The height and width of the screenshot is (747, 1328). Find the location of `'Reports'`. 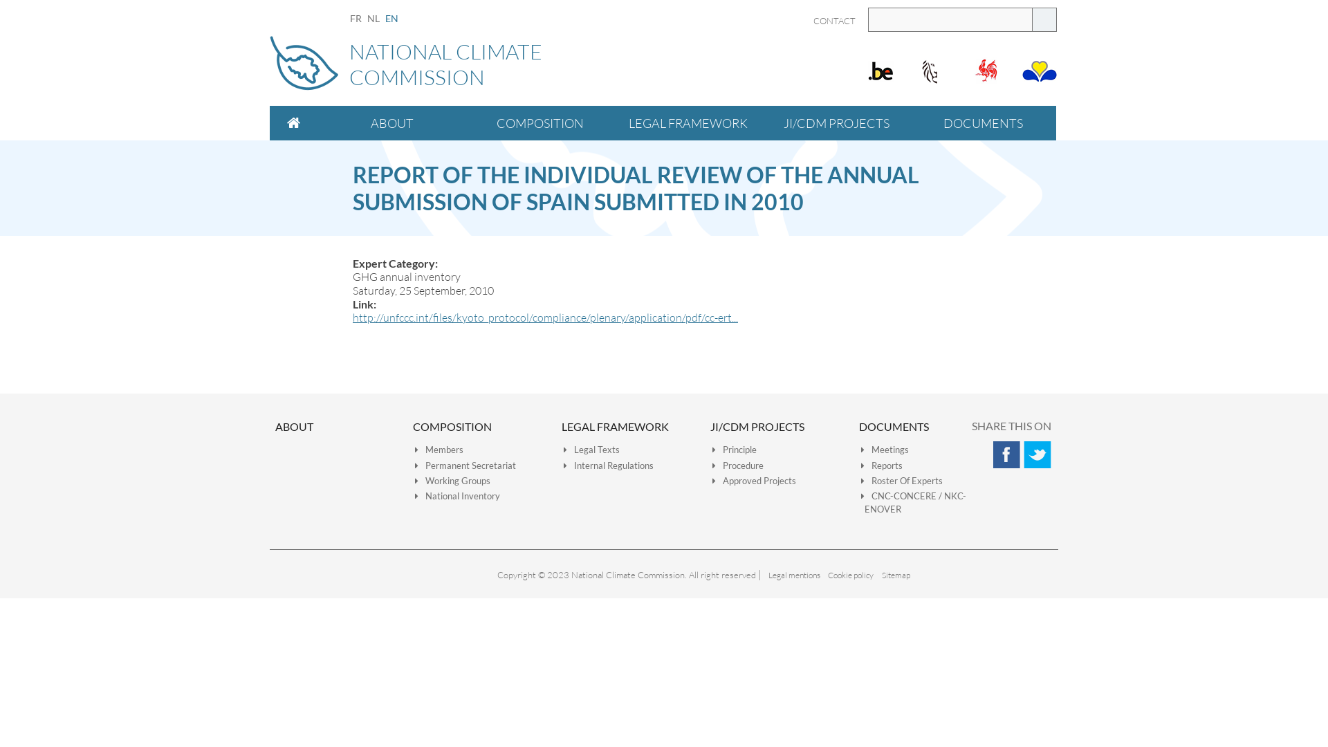

'Reports' is located at coordinates (881, 465).